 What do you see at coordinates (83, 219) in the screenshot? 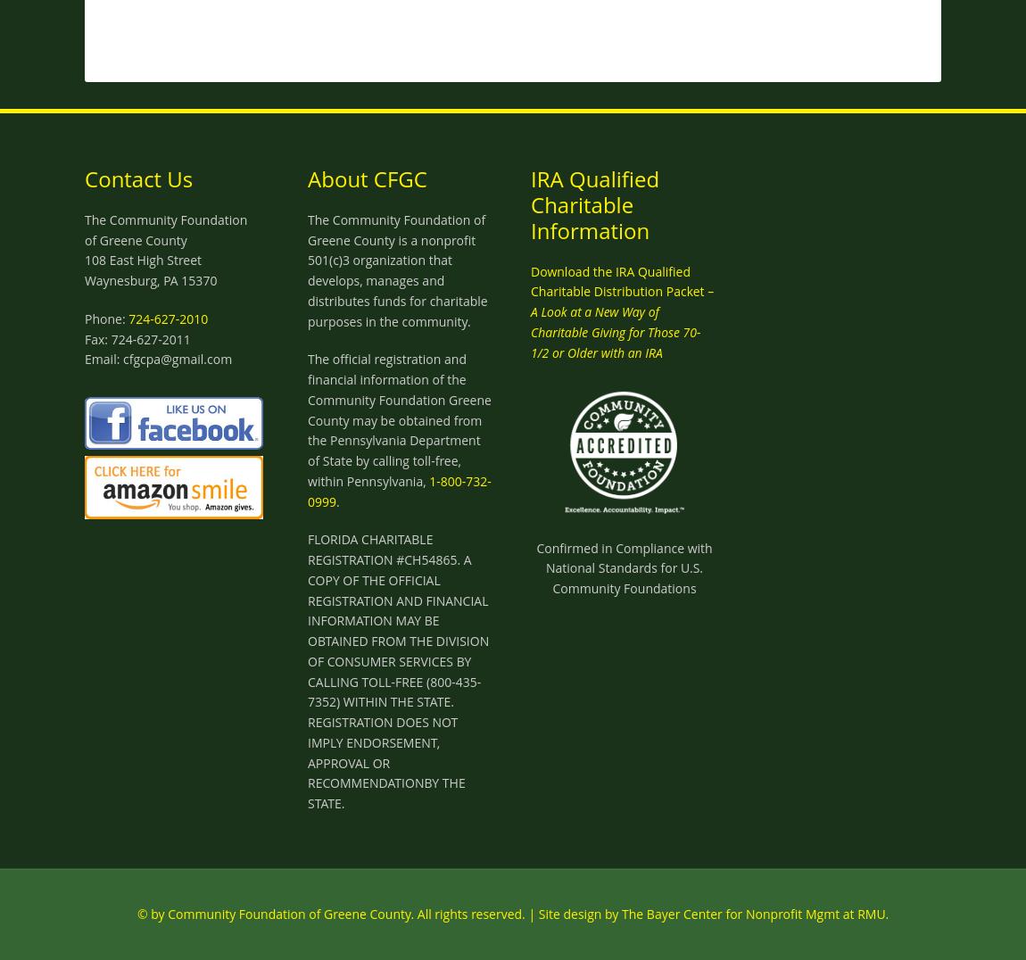
I see `'The Community Foundation'` at bounding box center [83, 219].